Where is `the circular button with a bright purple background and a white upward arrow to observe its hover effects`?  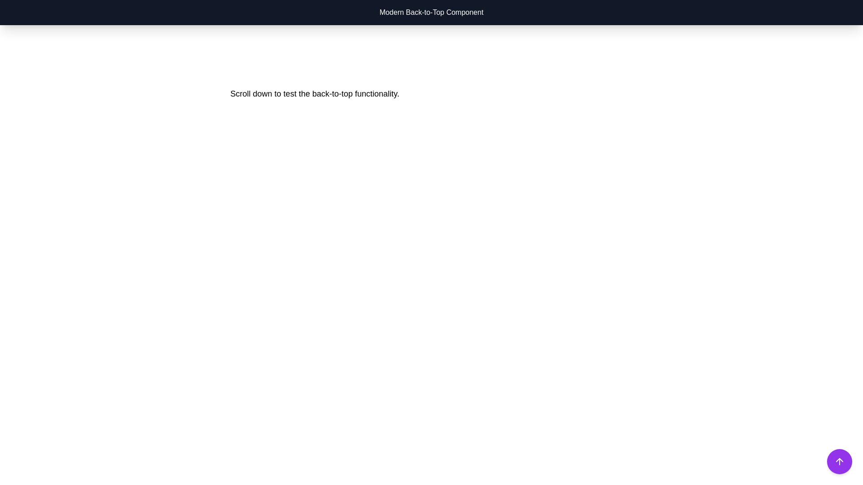
the circular button with a bright purple background and a white upward arrow to observe its hover effects is located at coordinates (839, 462).